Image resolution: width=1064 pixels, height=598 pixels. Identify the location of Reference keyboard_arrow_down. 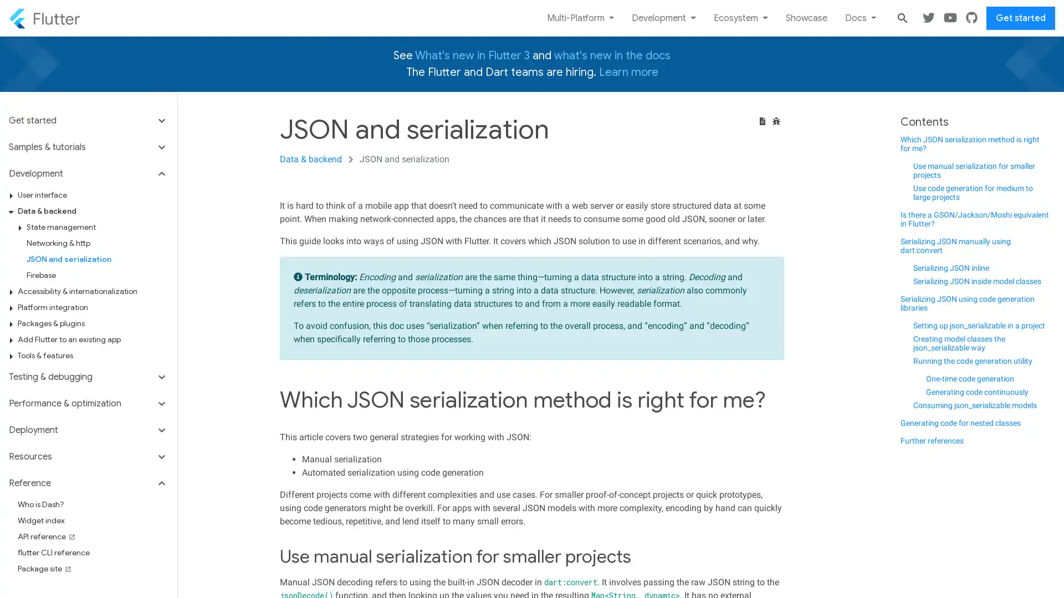
(88, 482).